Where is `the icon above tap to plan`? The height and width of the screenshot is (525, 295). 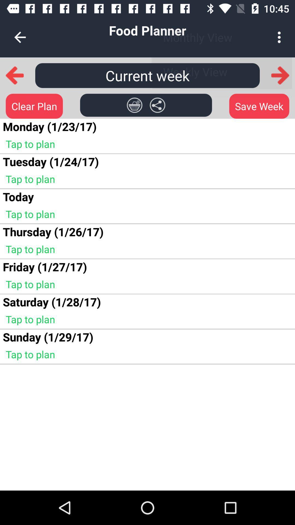
the icon above tap to plan is located at coordinates (18, 197).